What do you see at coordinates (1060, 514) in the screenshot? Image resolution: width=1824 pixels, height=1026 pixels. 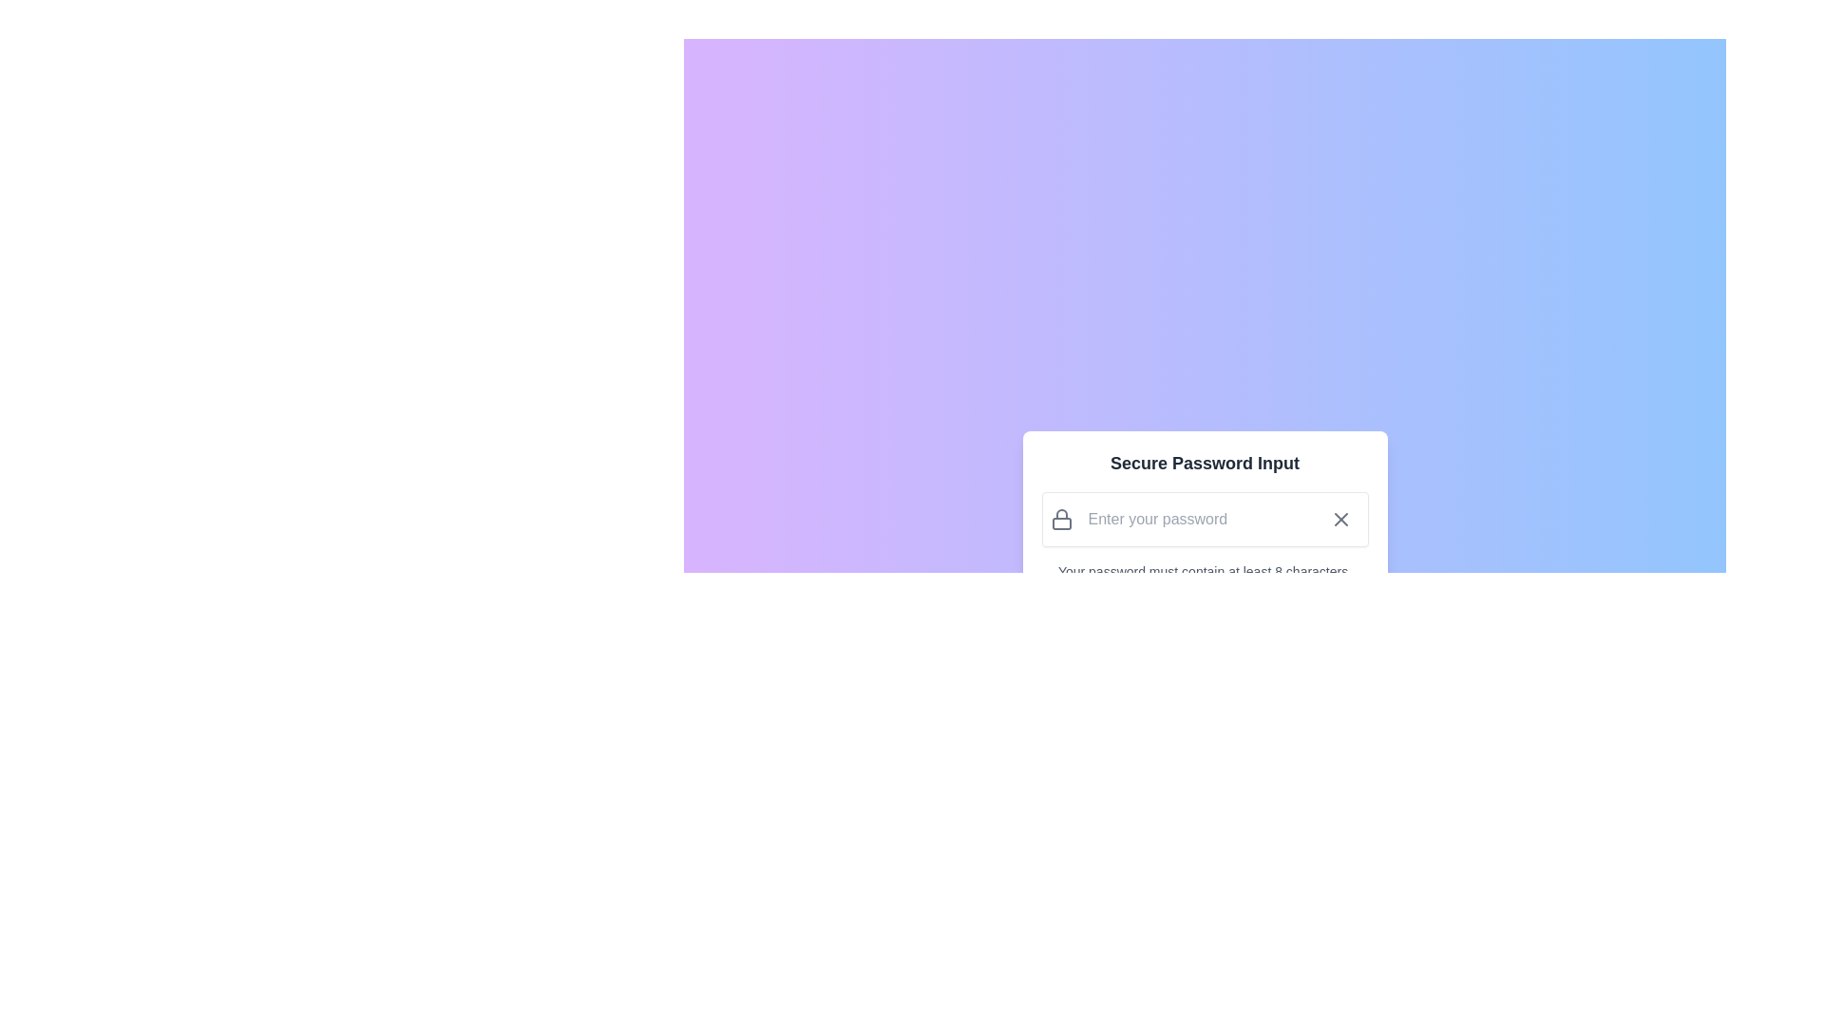 I see `the curved upper part of the gray padlock icon located to the left of the password input field in the modal box` at bounding box center [1060, 514].